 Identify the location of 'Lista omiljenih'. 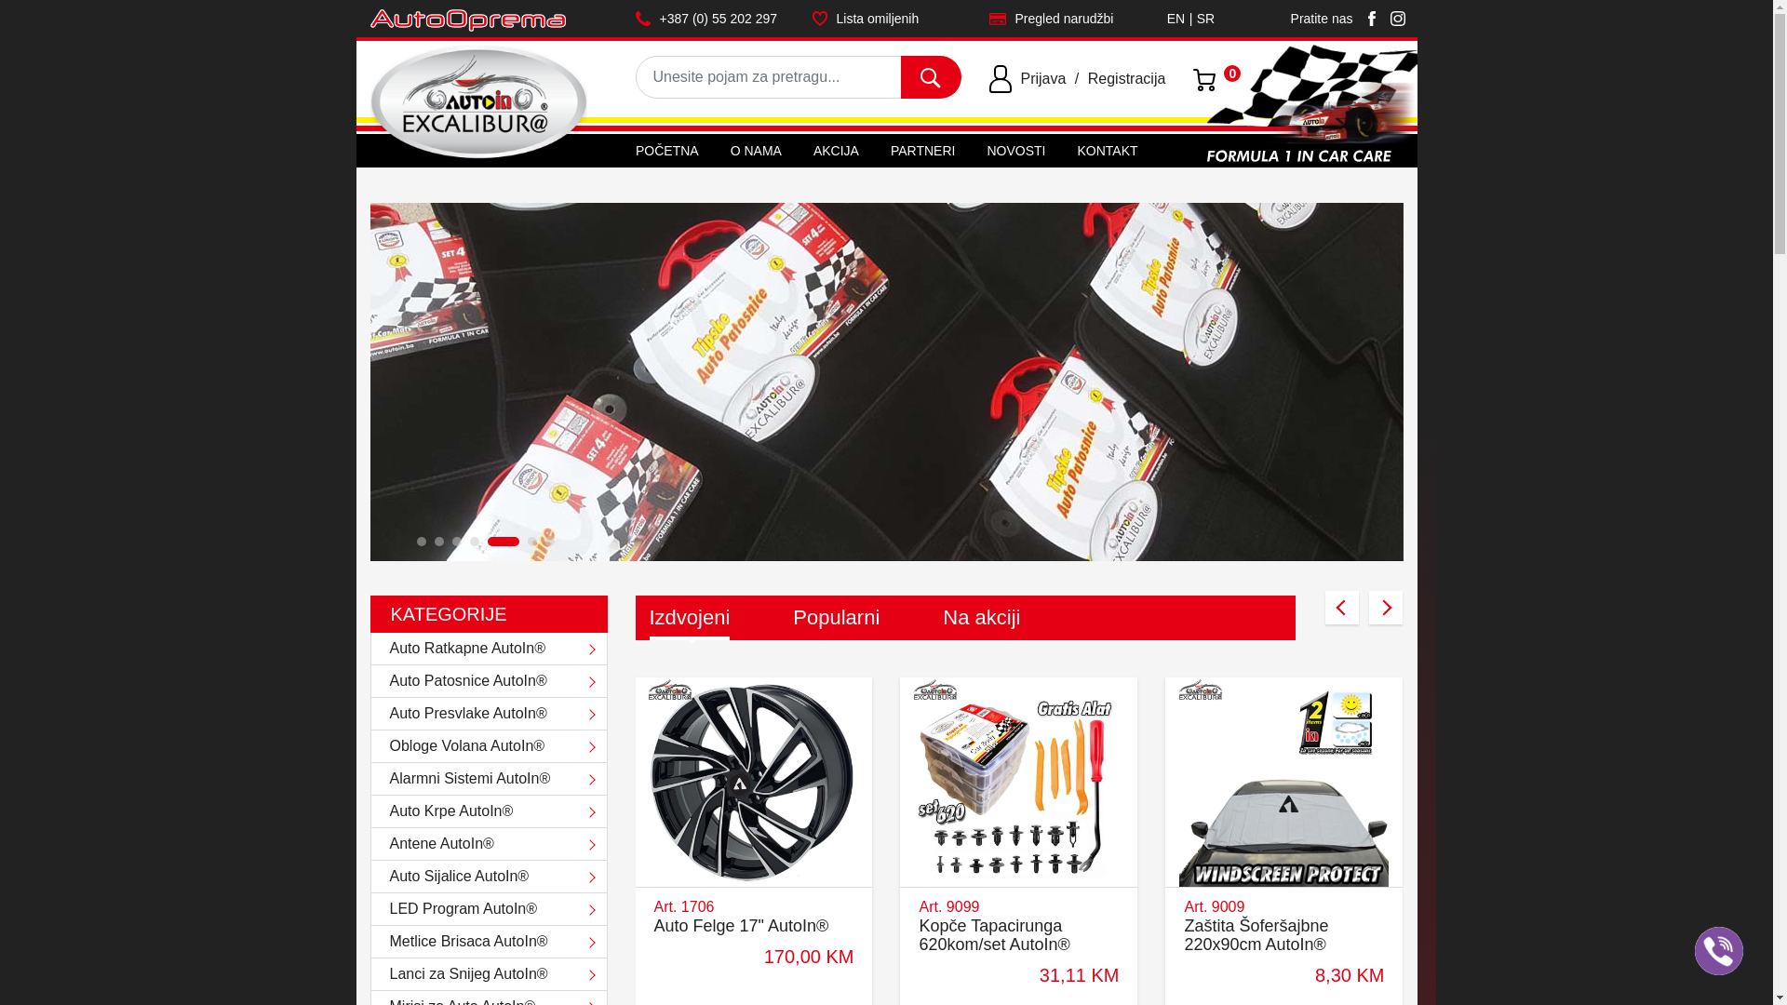
(884, 18).